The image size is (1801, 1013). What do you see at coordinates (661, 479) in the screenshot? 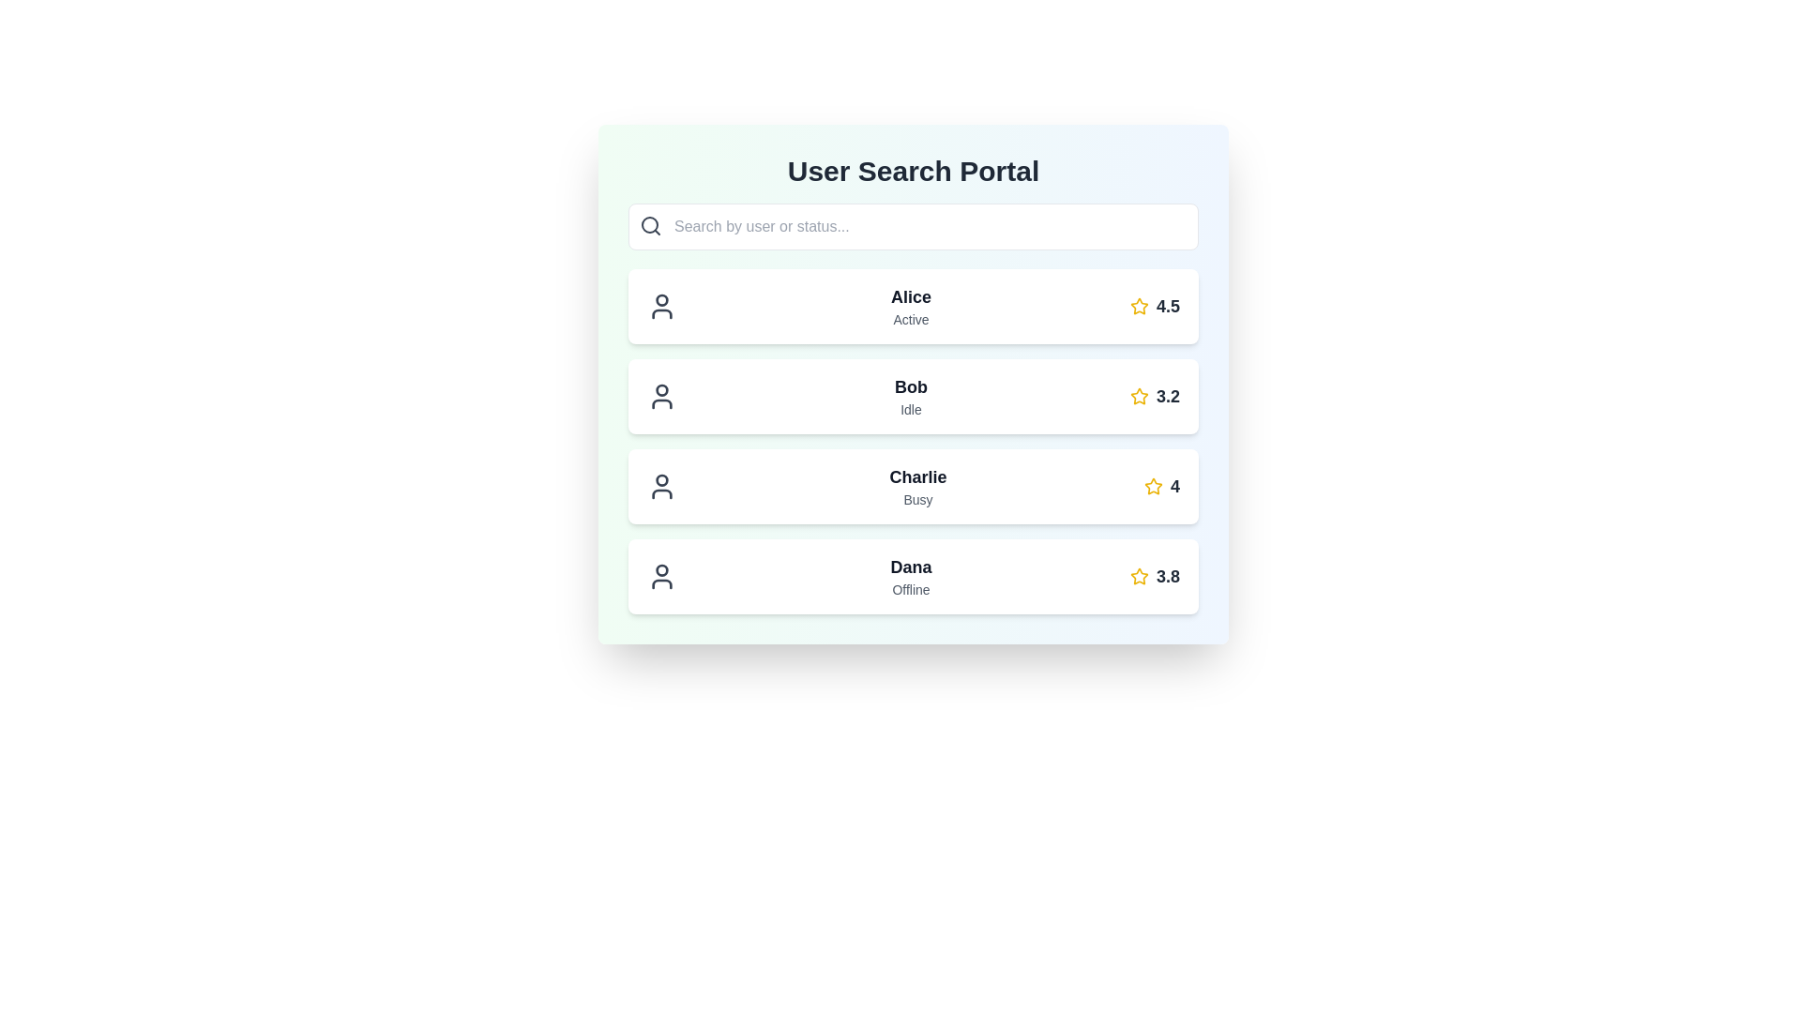
I see `the Circle SVG element that is part of the user profile illustration for 'Charlie.'` at bounding box center [661, 479].